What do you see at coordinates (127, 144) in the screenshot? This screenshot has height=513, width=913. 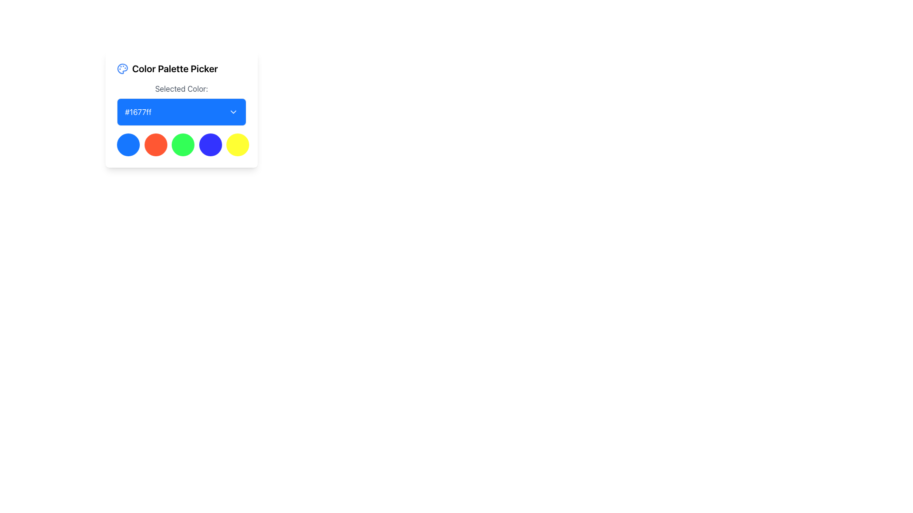 I see `the blue circular button, which is the first in a row of five colored buttons below the color selection dropdown in the color palette picker interface` at bounding box center [127, 144].